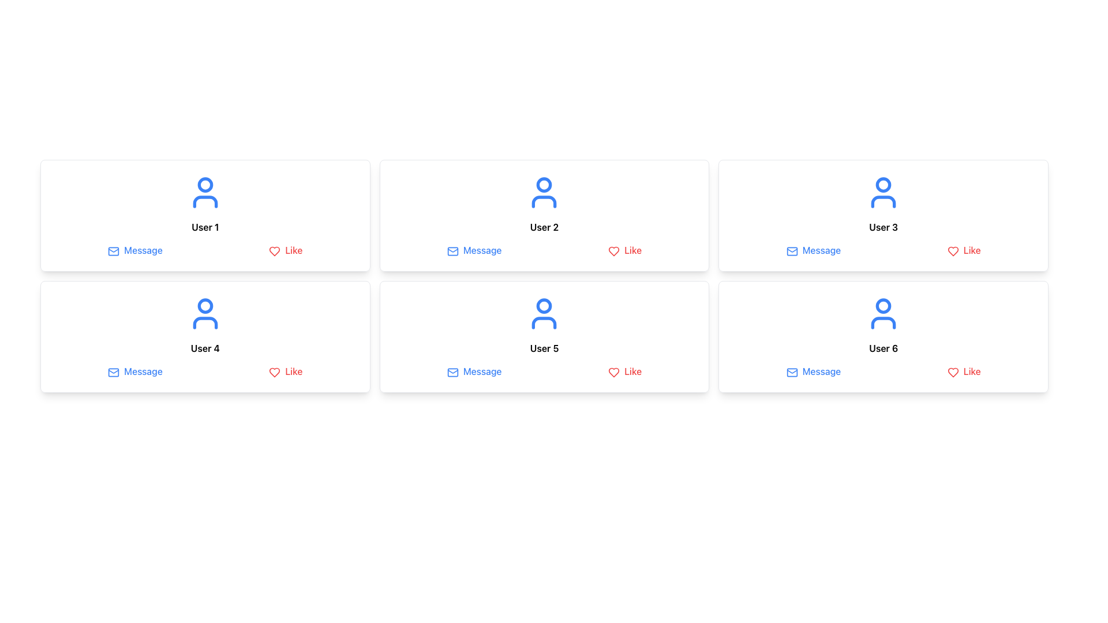  What do you see at coordinates (286, 371) in the screenshot?
I see `the 'Like' button, which features a red heart icon and the text 'Like' in red, located in the bottom-right corner of User 4's profile card` at bounding box center [286, 371].